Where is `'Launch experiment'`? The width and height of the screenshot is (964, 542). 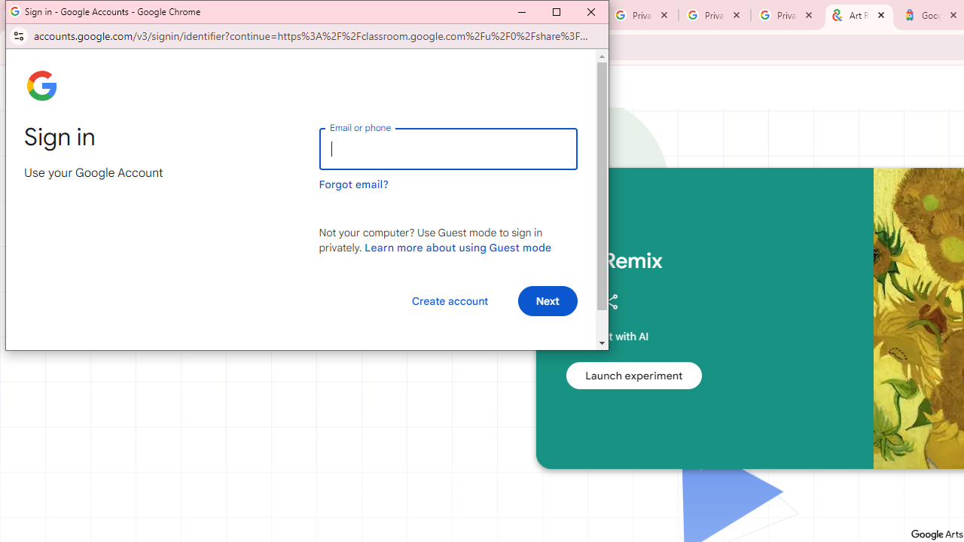 'Launch experiment' is located at coordinates (633, 374).